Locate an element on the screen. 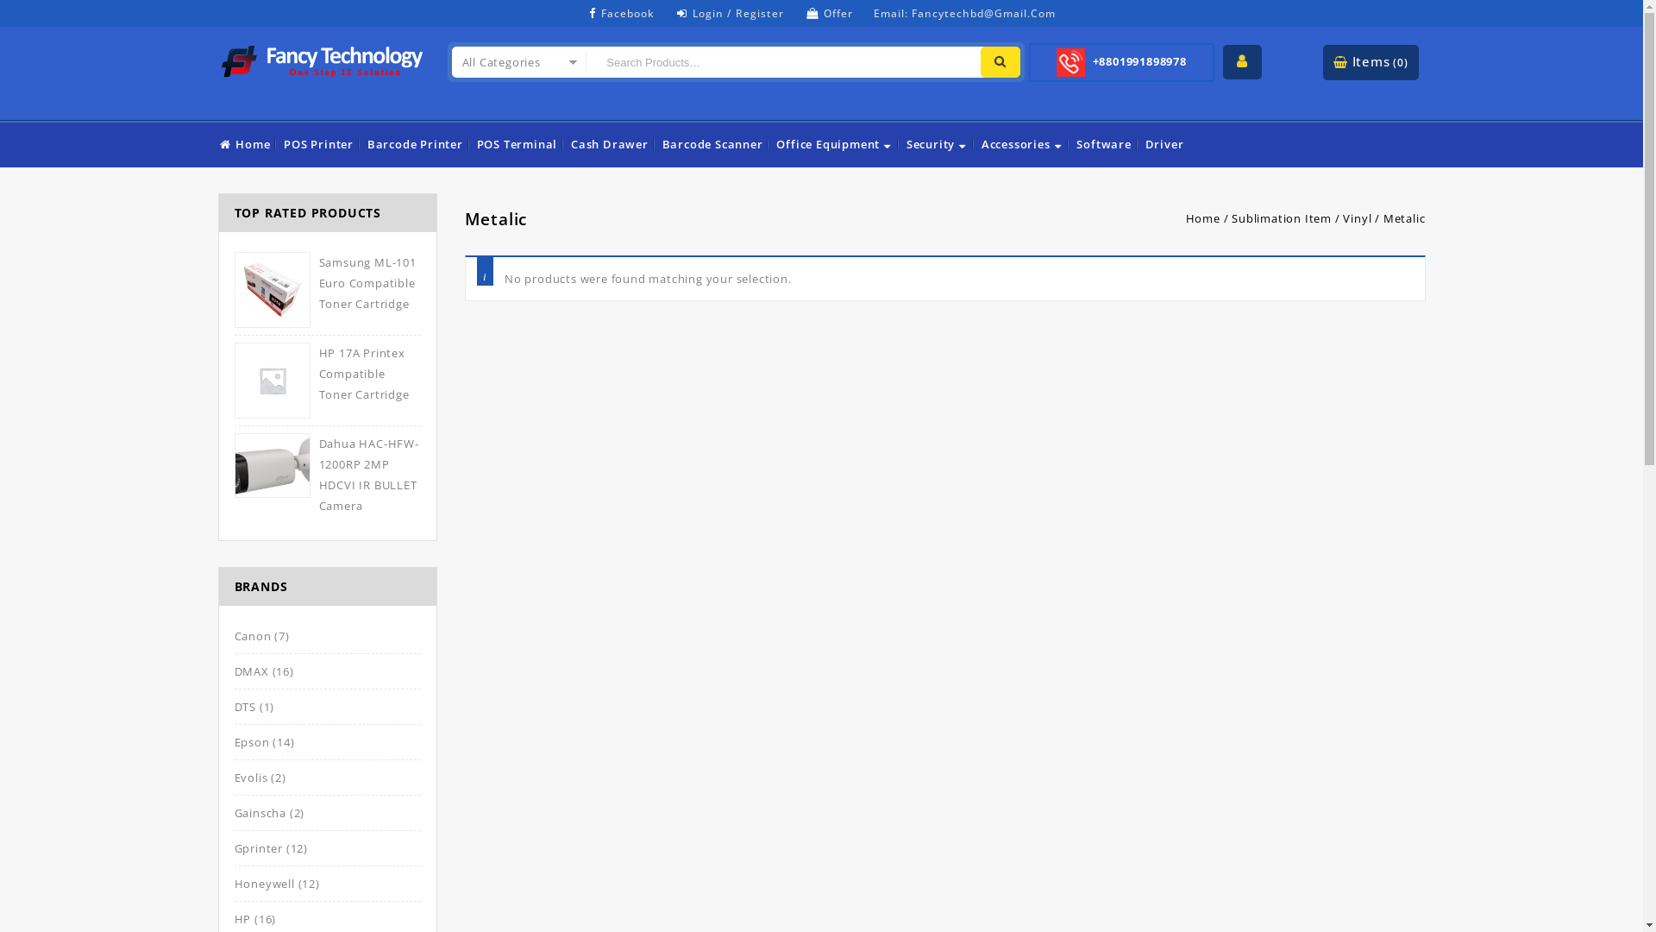 The height and width of the screenshot is (932, 1656). '(0)' is located at coordinates (1400, 61).